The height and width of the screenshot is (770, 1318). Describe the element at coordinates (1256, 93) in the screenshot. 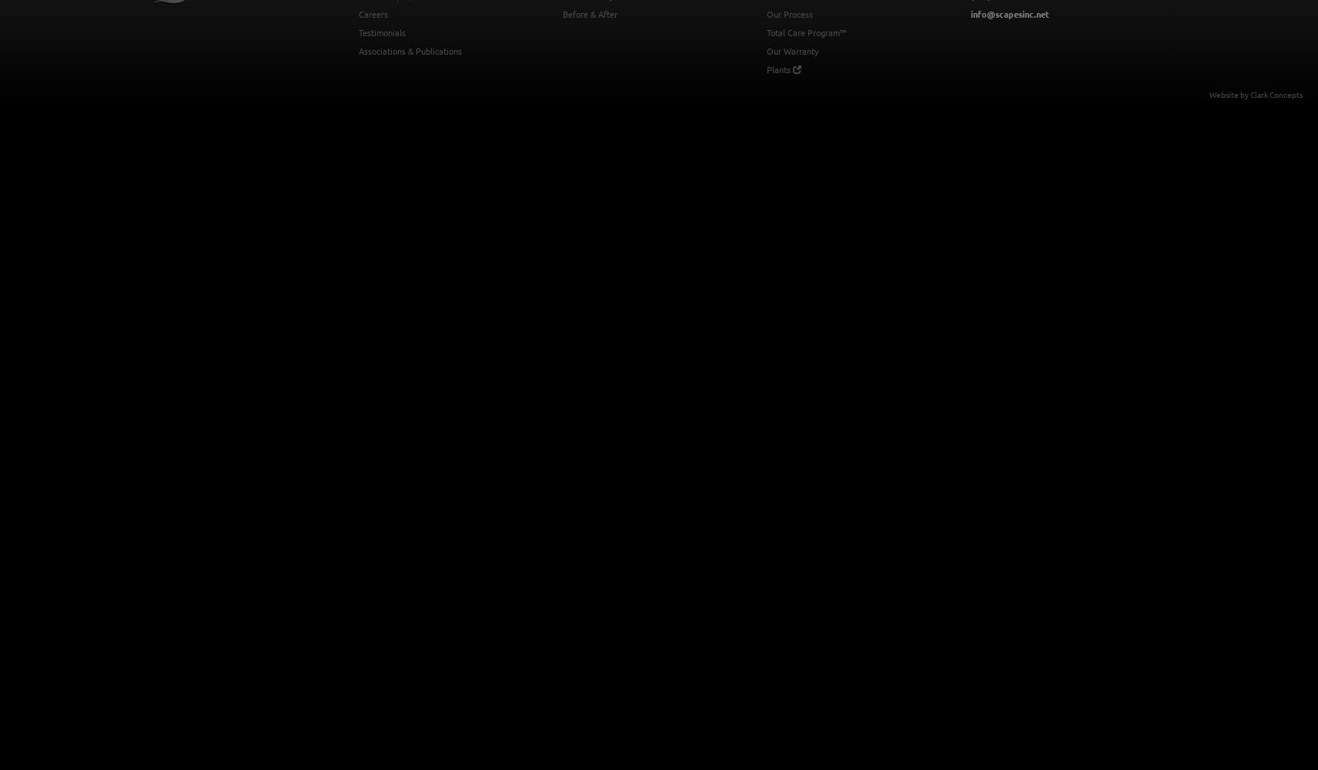

I see `'Website by Clark Concepts'` at that location.